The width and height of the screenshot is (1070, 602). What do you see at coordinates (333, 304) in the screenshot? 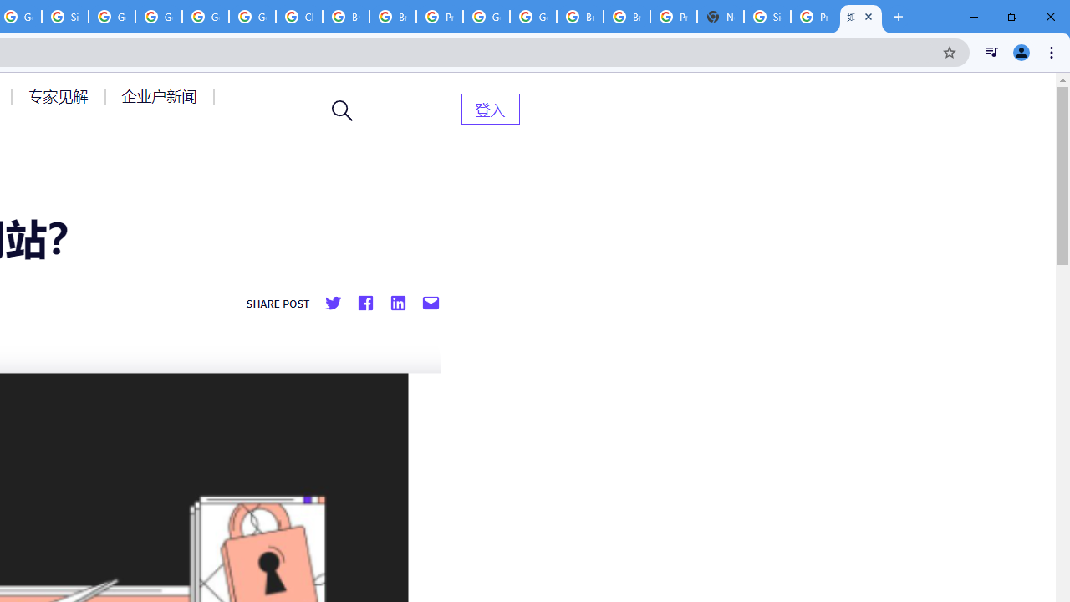
I see `'Share on twitter'` at bounding box center [333, 304].